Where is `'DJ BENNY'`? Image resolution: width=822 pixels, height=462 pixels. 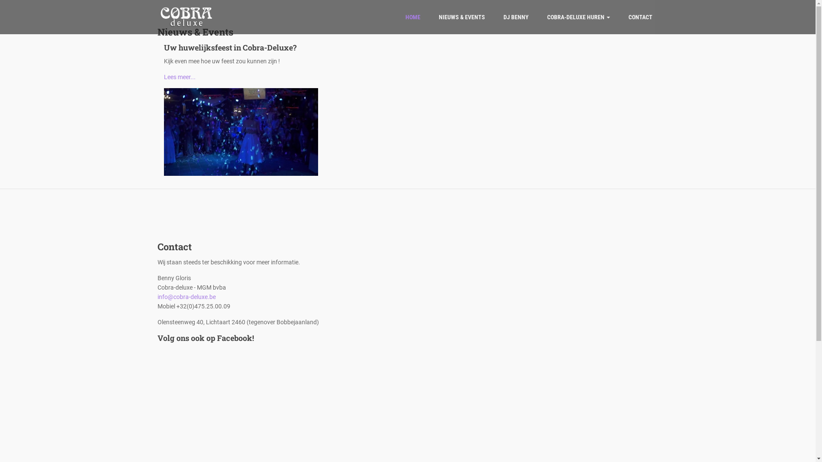
'DJ BENNY' is located at coordinates (515, 17).